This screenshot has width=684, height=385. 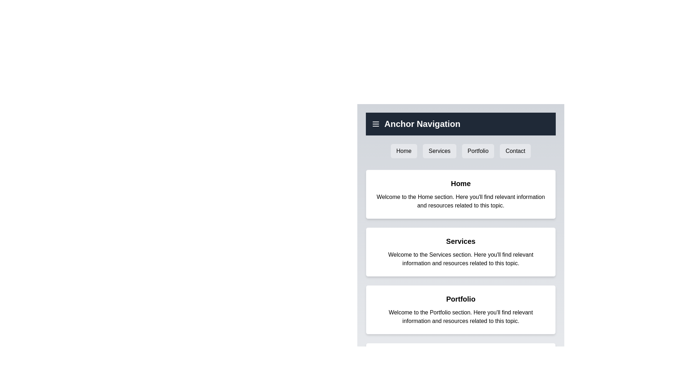 What do you see at coordinates (478, 151) in the screenshot?
I see `the third button in the navigation bar, which links to the portfolio section of the webpage` at bounding box center [478, 151].